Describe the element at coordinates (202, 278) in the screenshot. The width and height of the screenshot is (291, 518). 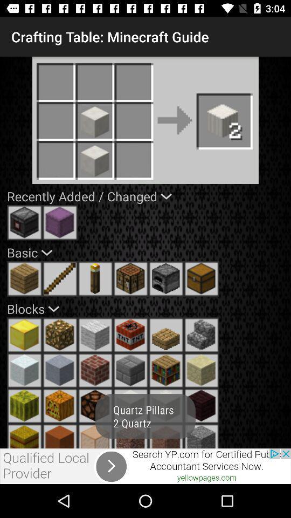
I see `the box` at that location.